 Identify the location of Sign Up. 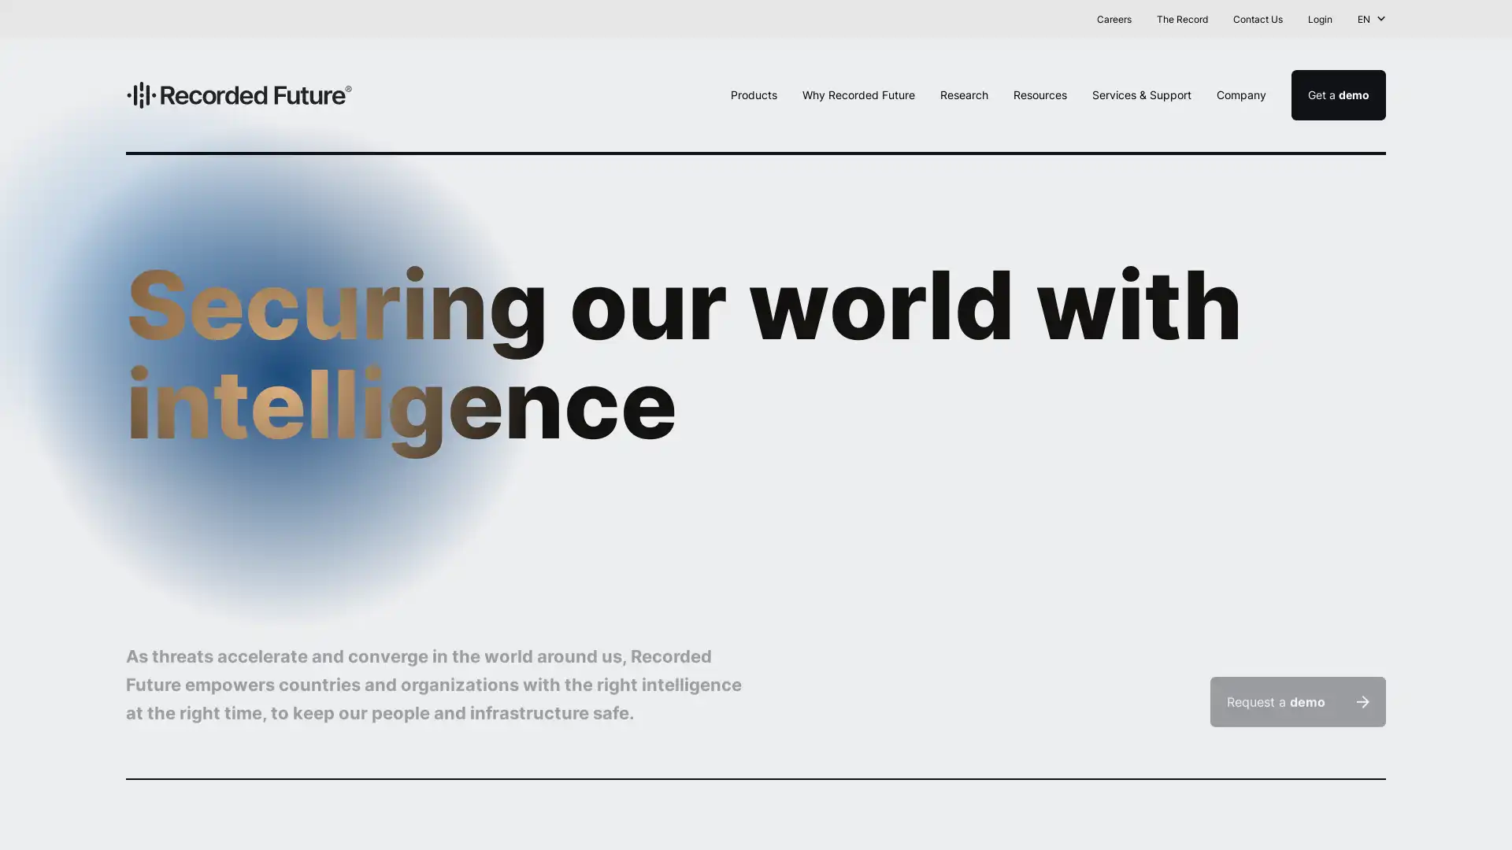
(949, 18).